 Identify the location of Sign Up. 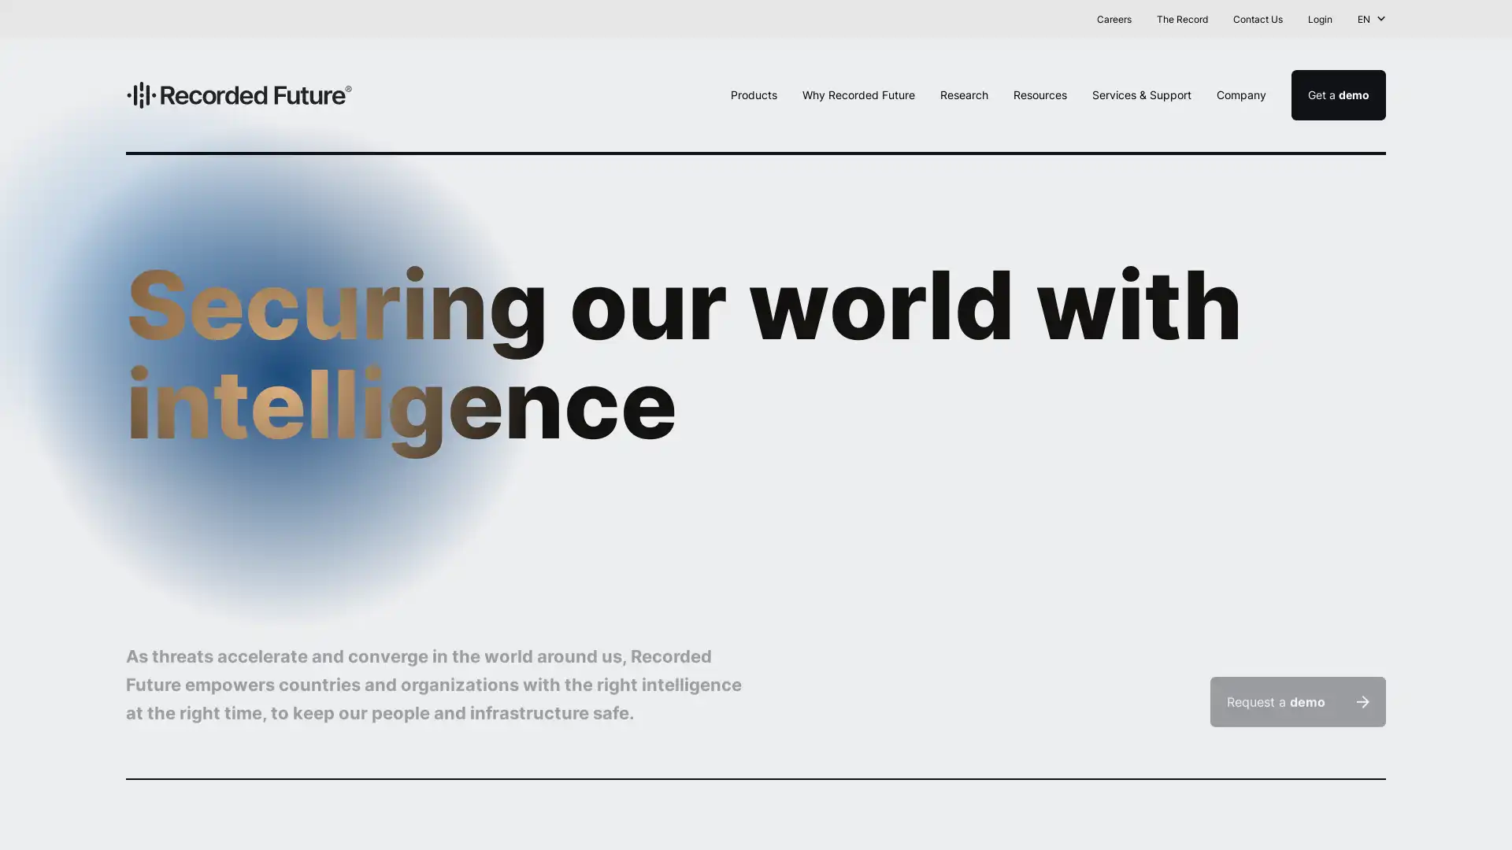
(949, 18).